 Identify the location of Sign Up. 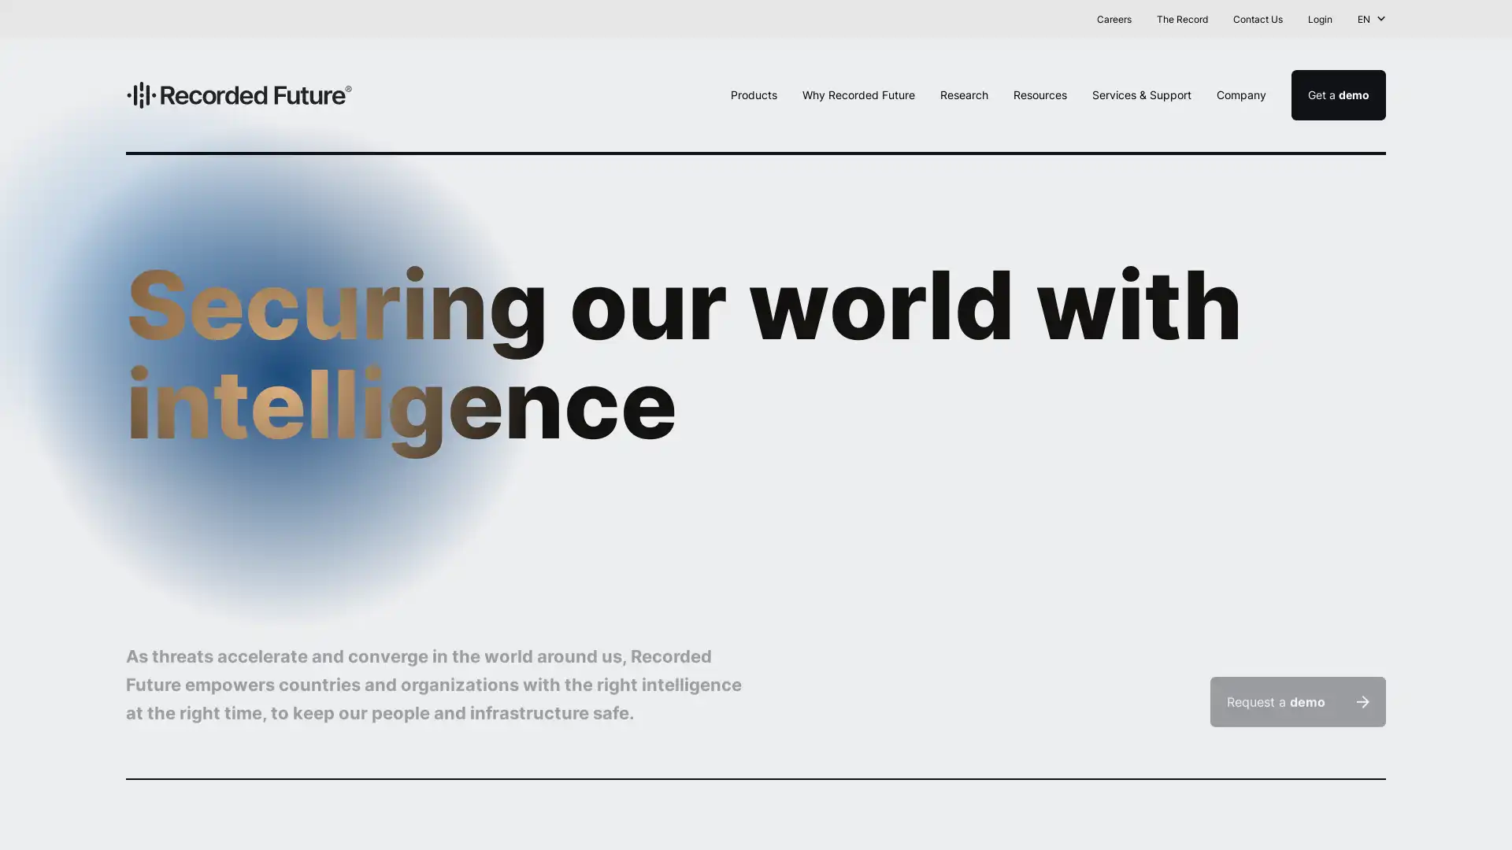
(949, 18).